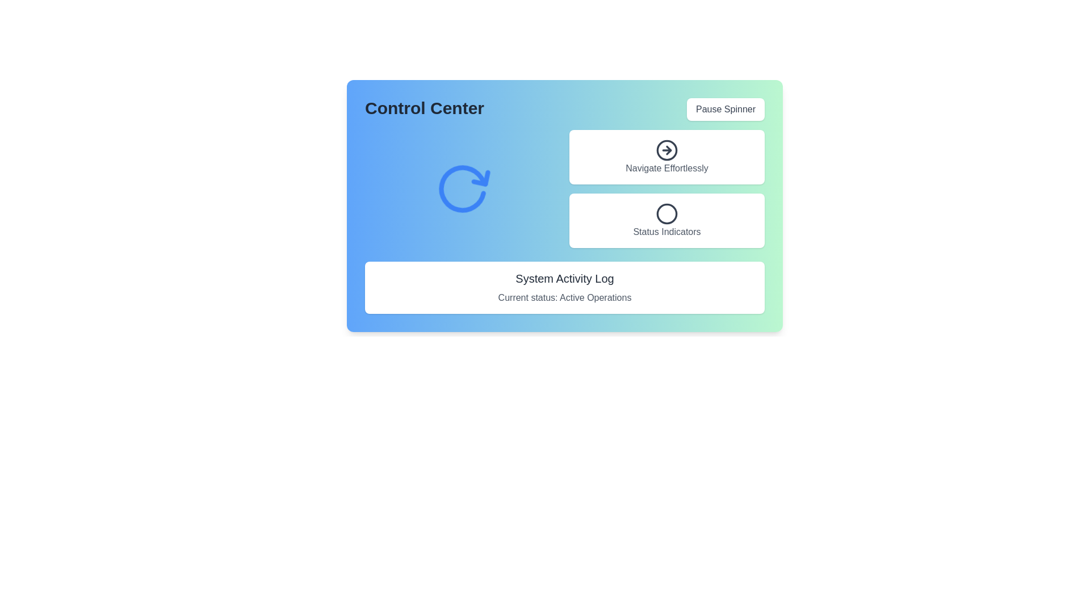 This screenshot has height=613, width=1090. What do you see at coordinates (667, 149) in the screenshot?
I see `the visual representation of the circular SVG graphic with a rightward arrow inside, located above the 'Navigate Effortlessly' text` at bounding box center [667, 149].